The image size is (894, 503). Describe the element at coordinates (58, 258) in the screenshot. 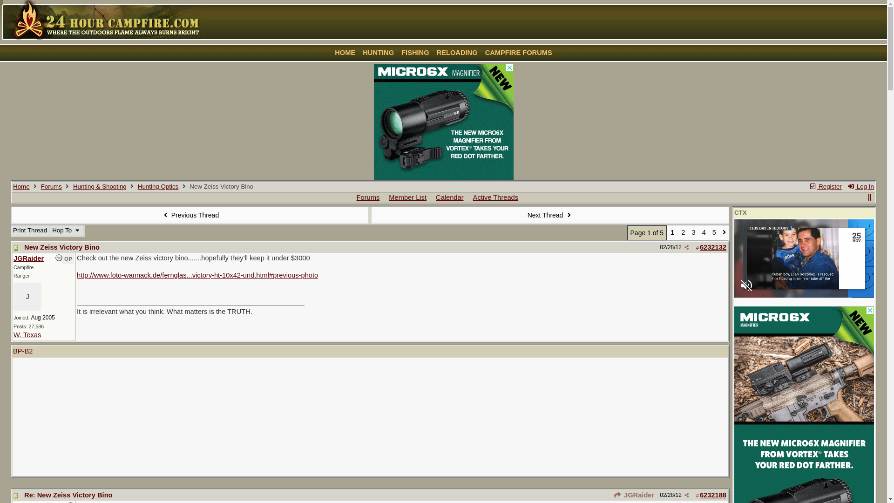

I see `'Offline'` at that location.